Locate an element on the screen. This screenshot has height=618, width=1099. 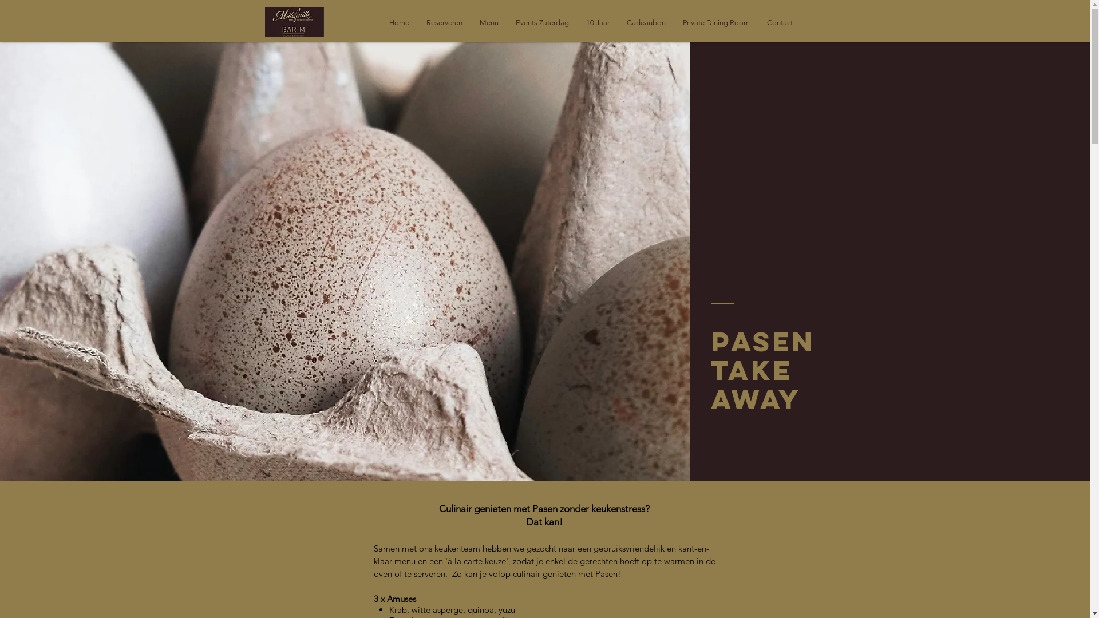
'Contact' is located at coordinates (758, 22).